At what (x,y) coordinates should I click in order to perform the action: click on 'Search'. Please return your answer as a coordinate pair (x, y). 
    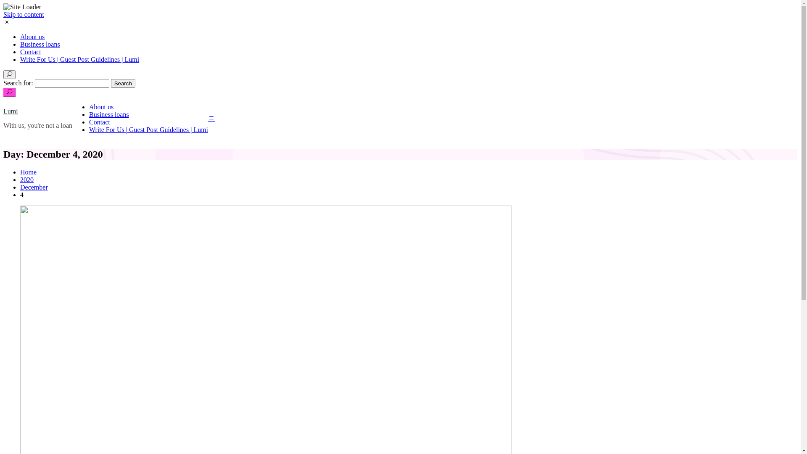
    Looking at the image, I should click on (122, 83).